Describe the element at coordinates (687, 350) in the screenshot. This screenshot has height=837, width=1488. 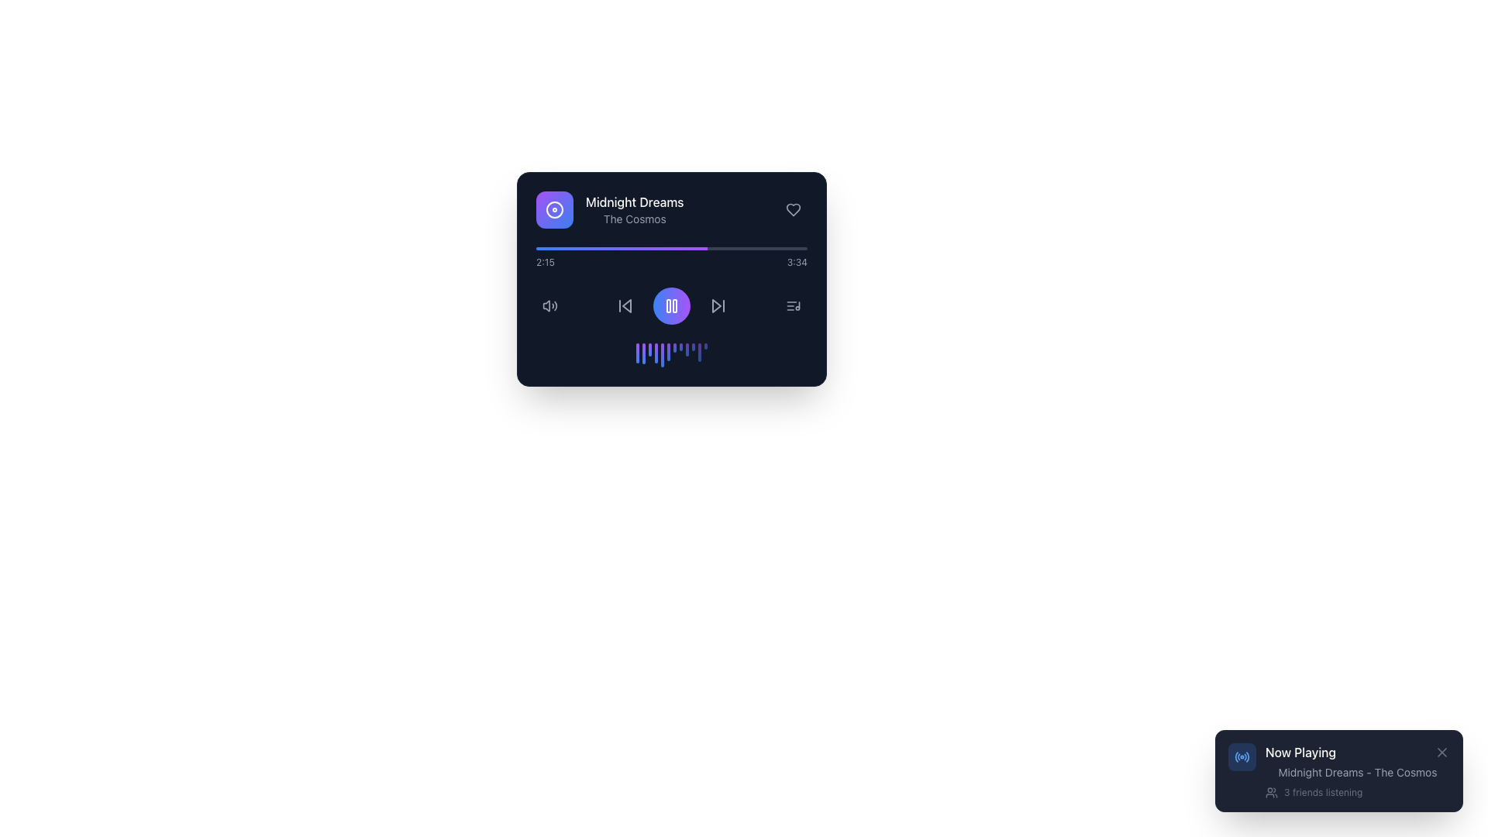
I see `the ninth animated vertical bar in the mini equalizer visualization of the music player interface, which features a gradient from blue to purple and a pulsating effect` at that location.